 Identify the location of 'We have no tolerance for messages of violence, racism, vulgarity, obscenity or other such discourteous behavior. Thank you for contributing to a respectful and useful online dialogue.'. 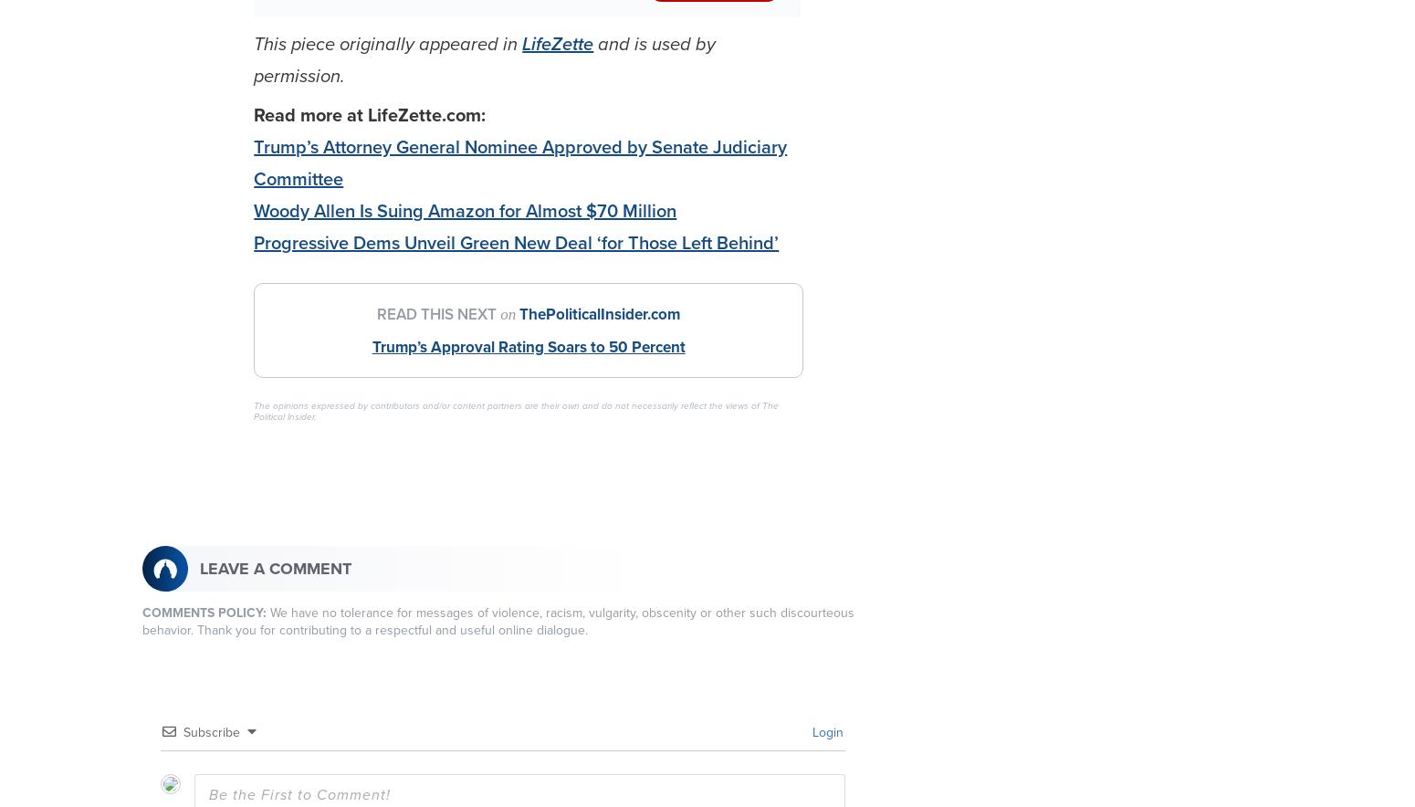
(497, 622).